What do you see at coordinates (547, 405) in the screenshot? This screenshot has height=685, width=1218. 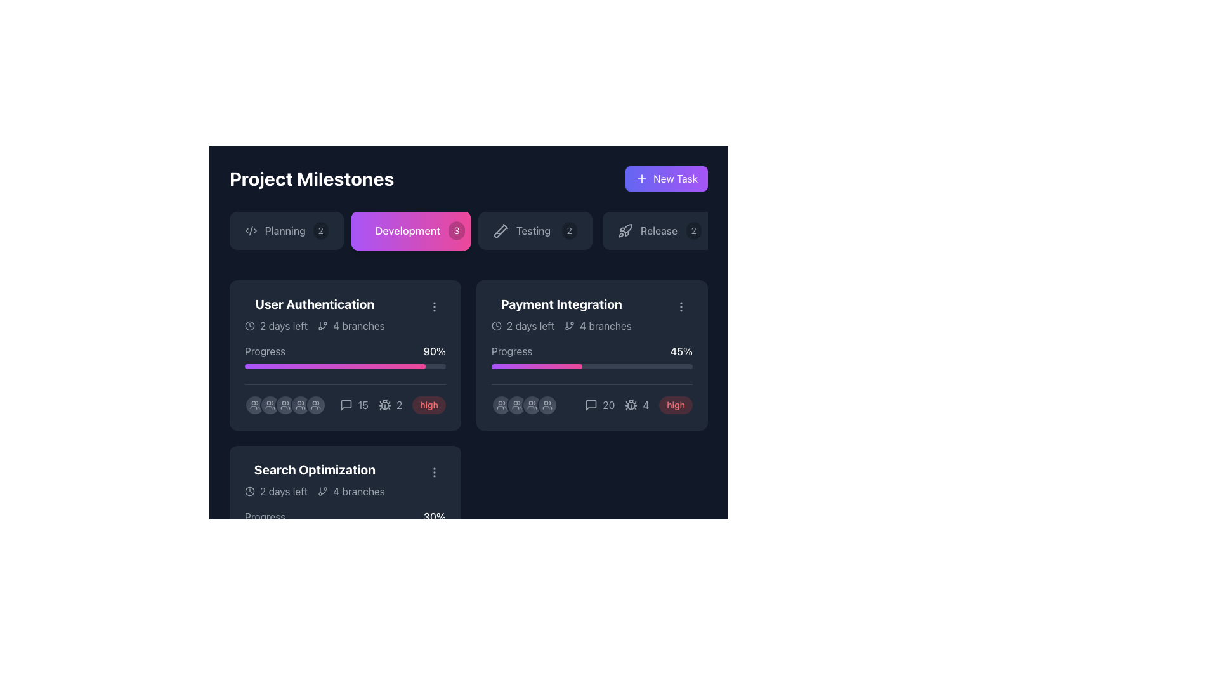 I see `the team association icon located in the top-right quadrant of the interface within the 'Payment Integration' section` at bounding box center [547, 405].